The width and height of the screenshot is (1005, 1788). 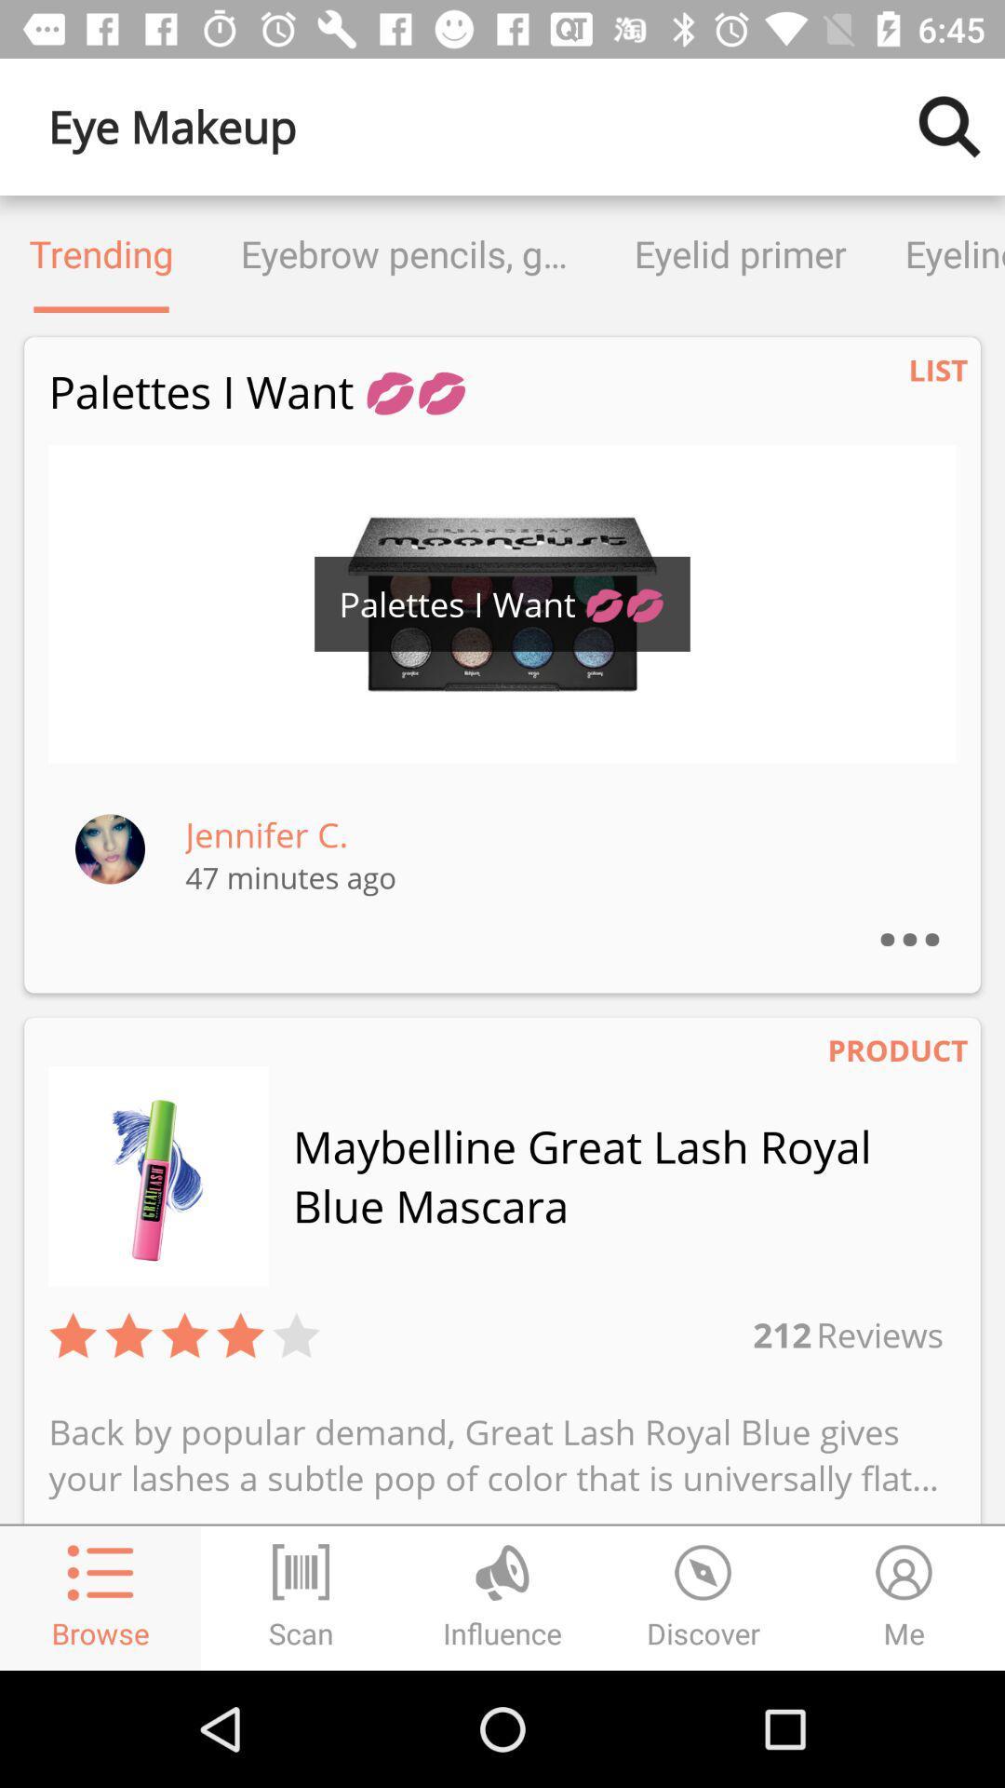 What do you see at coordinates (266, 833) in the screenshot?
I see `the icon to the left of ... item` at bounding box center [266, 833].